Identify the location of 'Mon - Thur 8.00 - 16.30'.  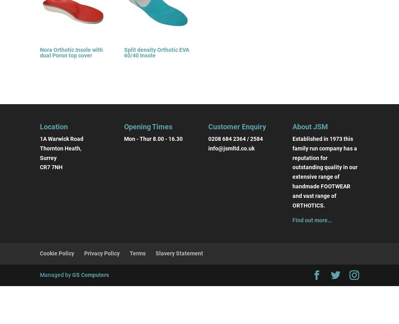
(153, 138).